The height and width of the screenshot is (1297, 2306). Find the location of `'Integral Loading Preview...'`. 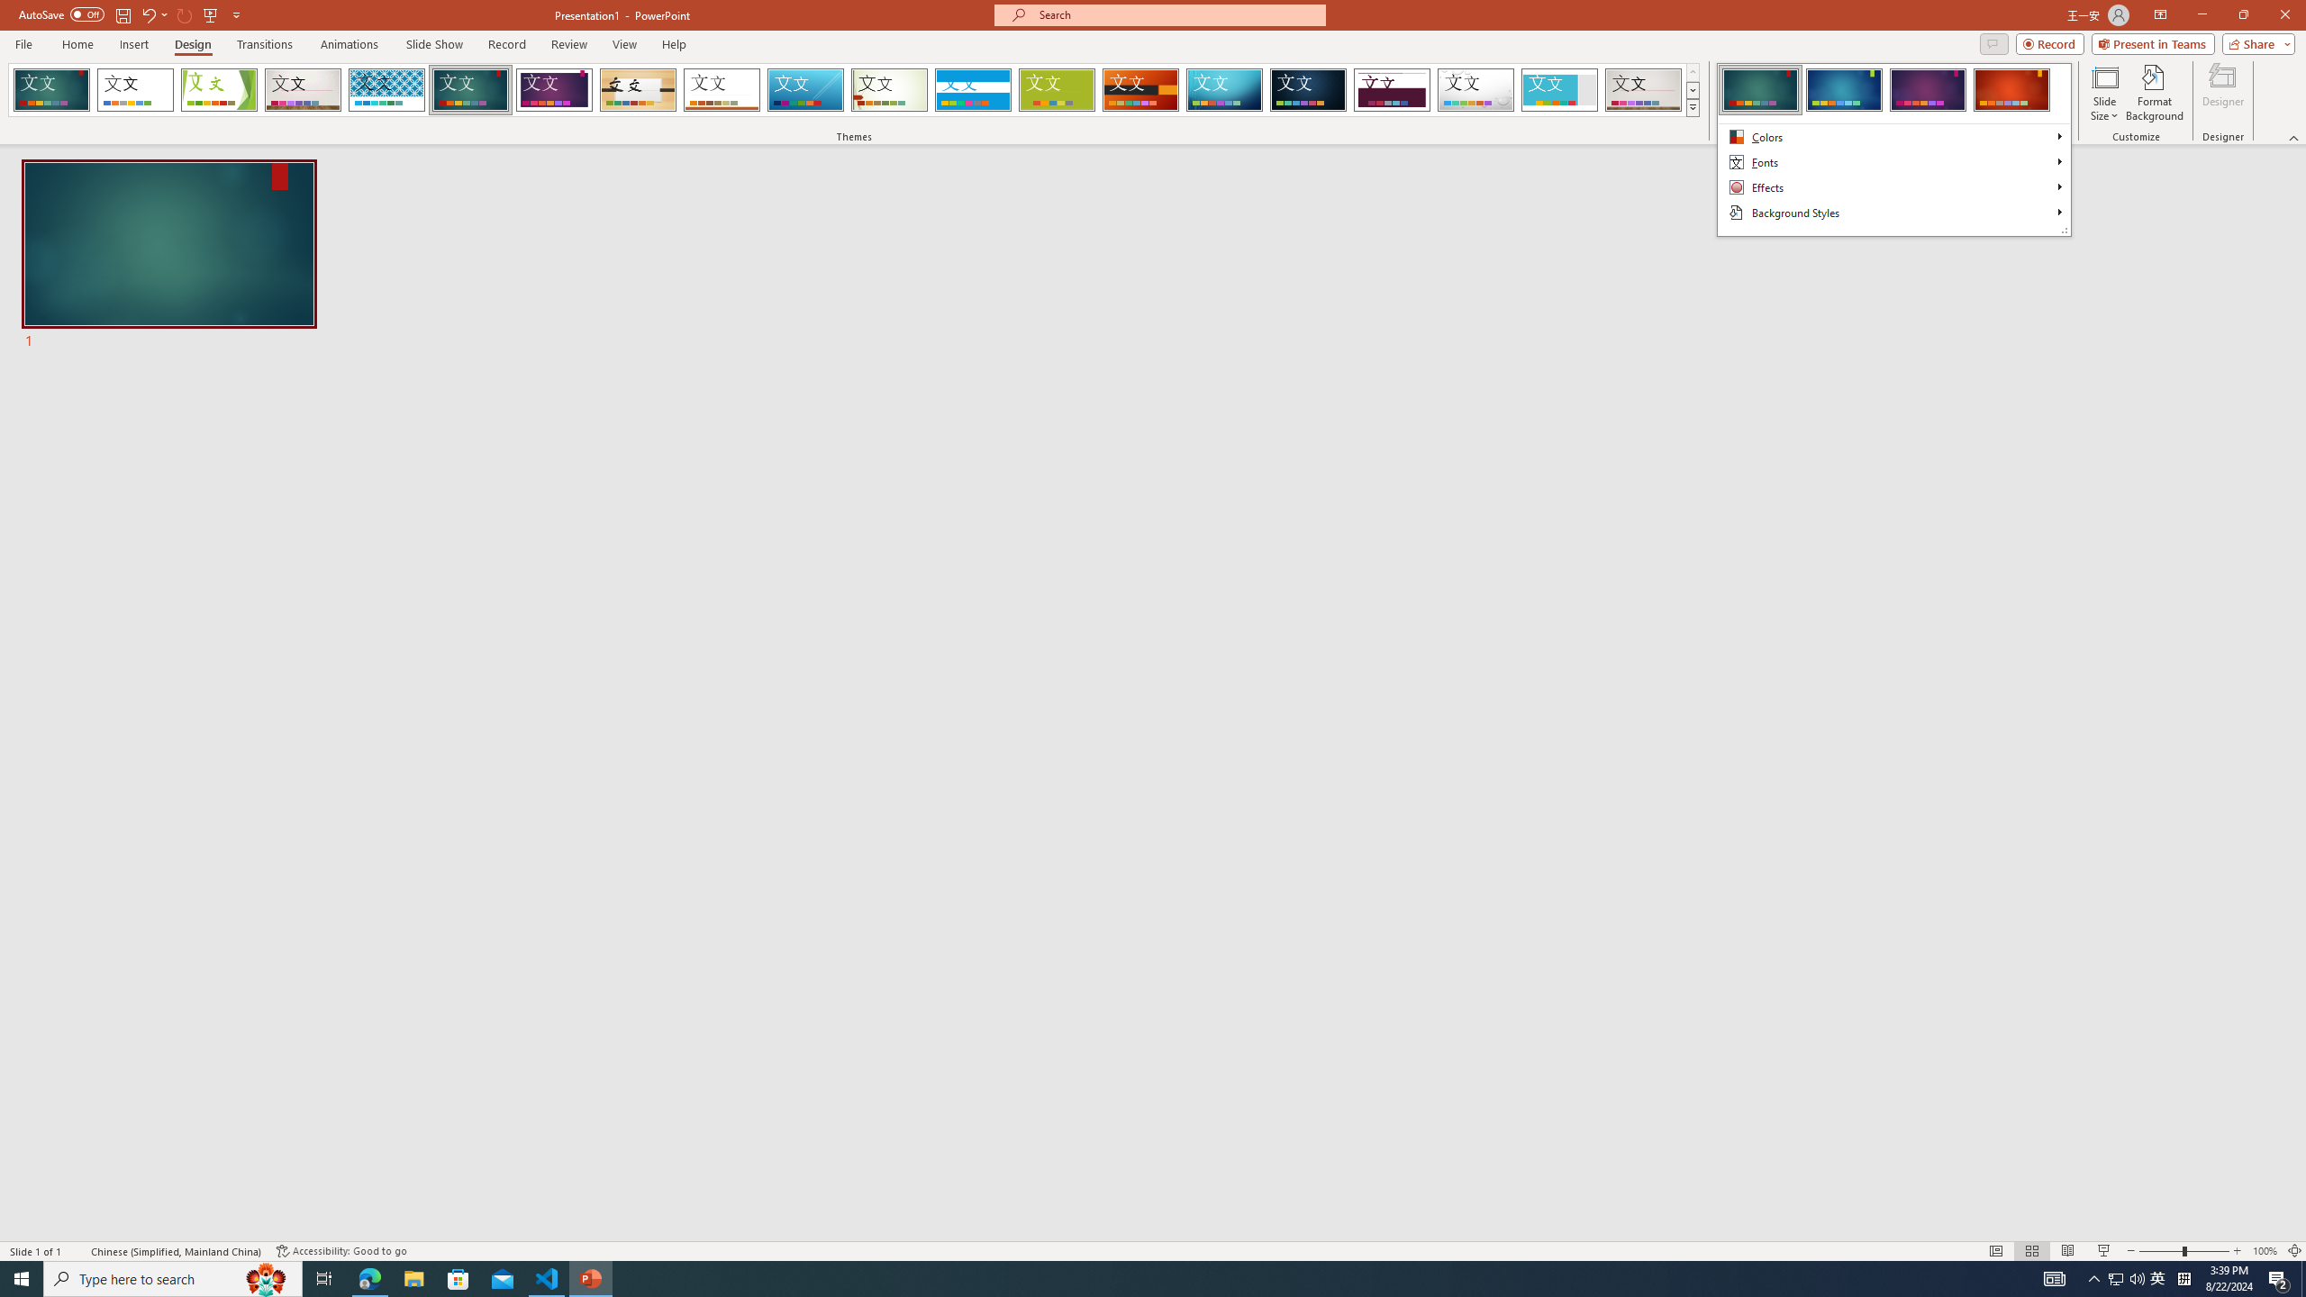

'Integral Loading Preview...' is located at coordinates (386, 89).